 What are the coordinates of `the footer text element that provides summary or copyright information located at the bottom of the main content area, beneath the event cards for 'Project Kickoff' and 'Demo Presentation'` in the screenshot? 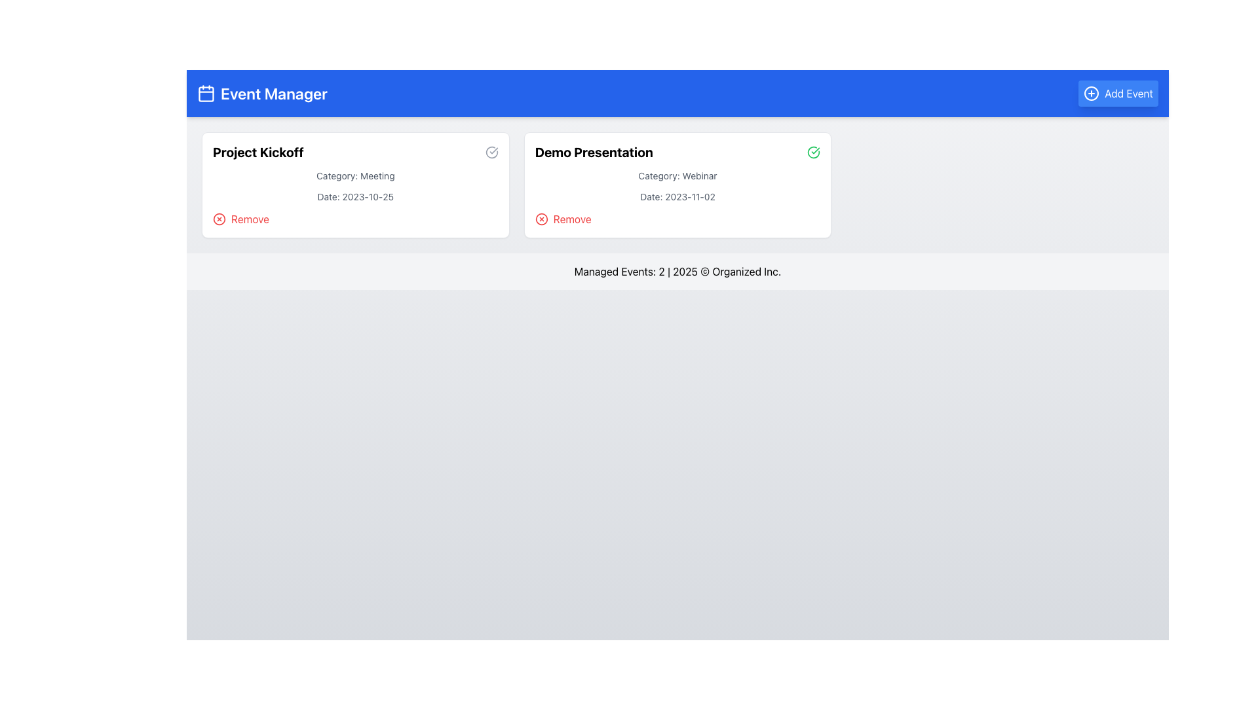 It's located at (677, 271).